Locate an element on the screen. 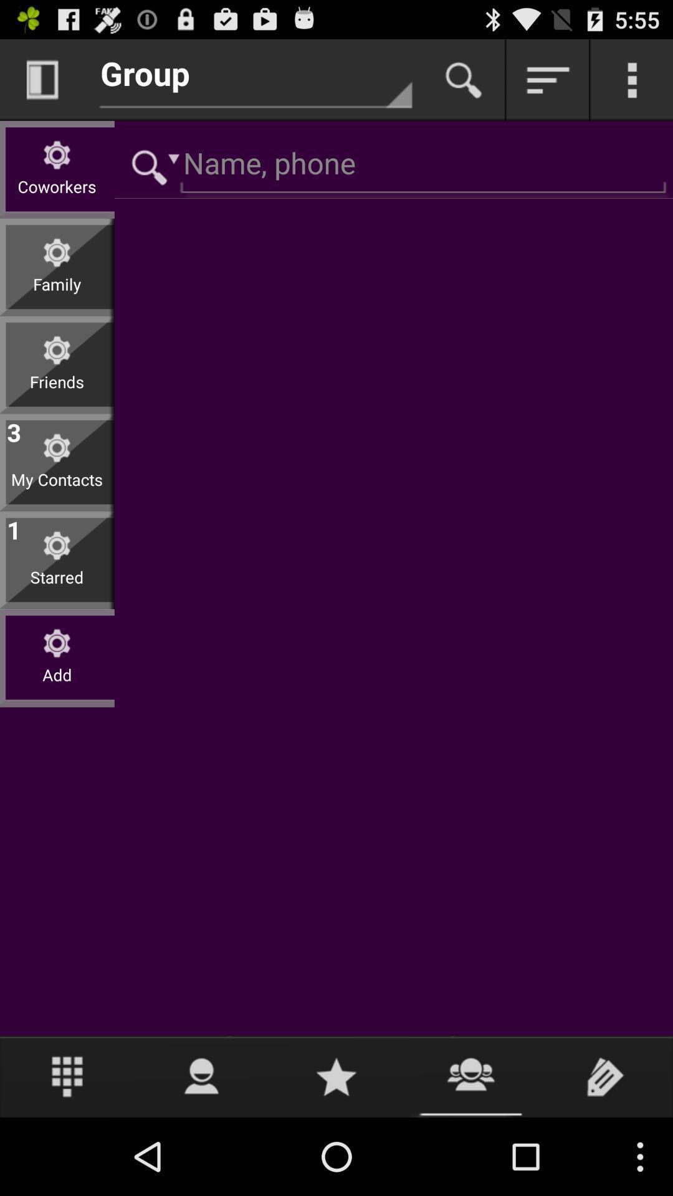 The width and height of the screenshot is (673, 1196). the group icon is located at coordinates (471, 1151).